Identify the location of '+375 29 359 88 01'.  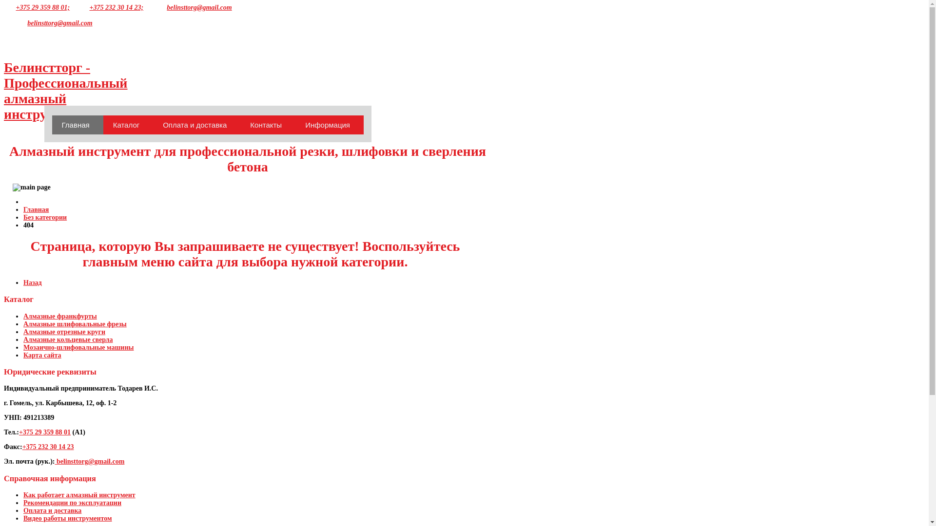
(19, 432).